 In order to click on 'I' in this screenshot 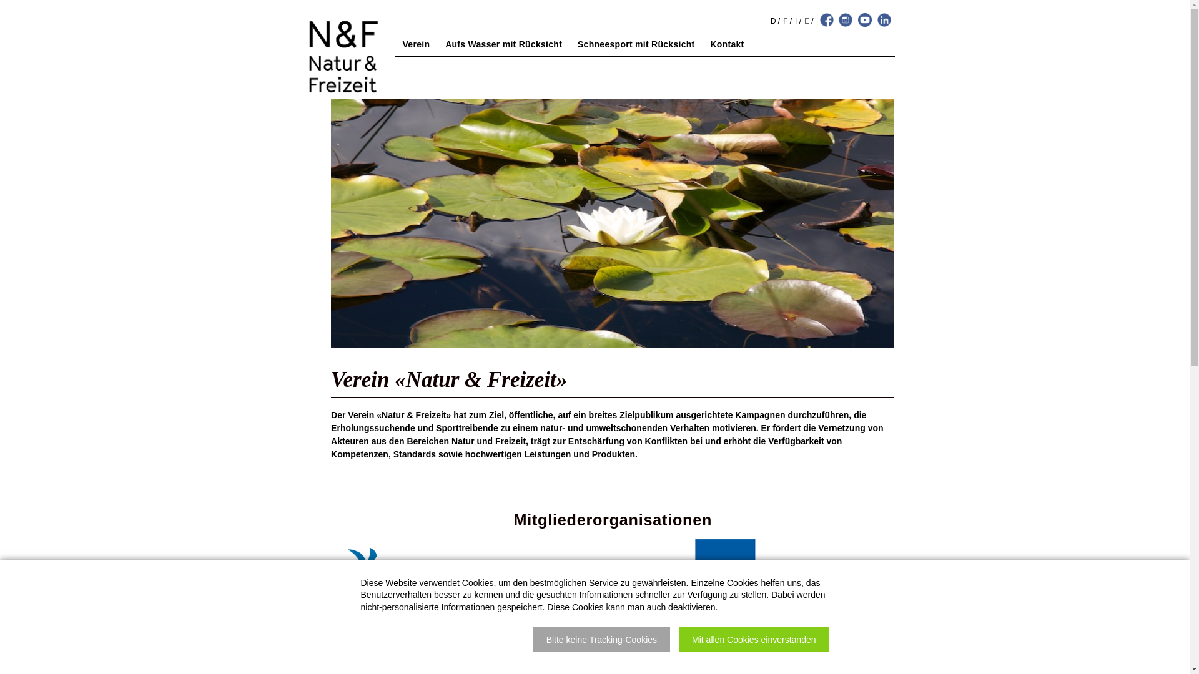, I will do `click(795, 21)`.